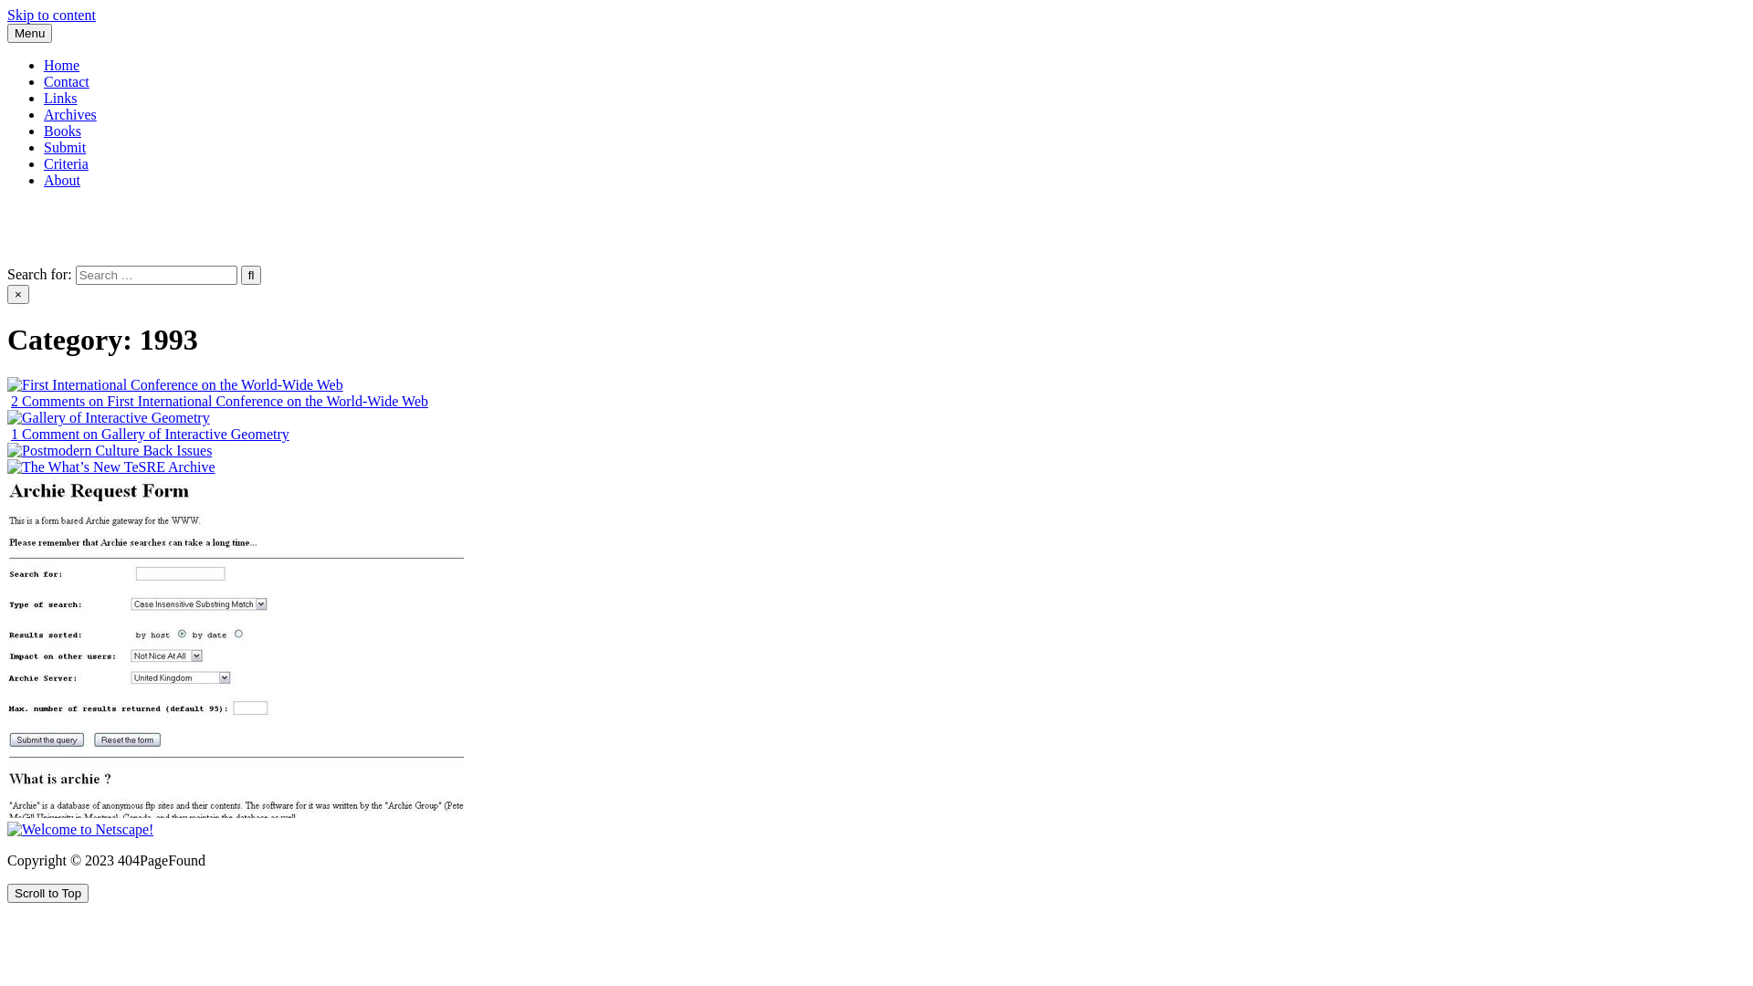 This screenshot has height=986, width=1753. I want to click on 'Postmodern Culture Back Issues', so click(109, 450).